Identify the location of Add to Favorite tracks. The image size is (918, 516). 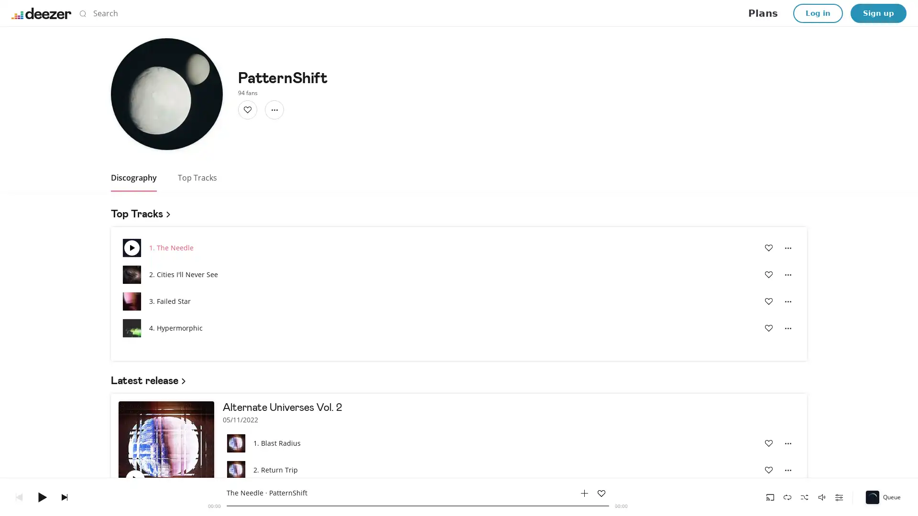
(601, 493).